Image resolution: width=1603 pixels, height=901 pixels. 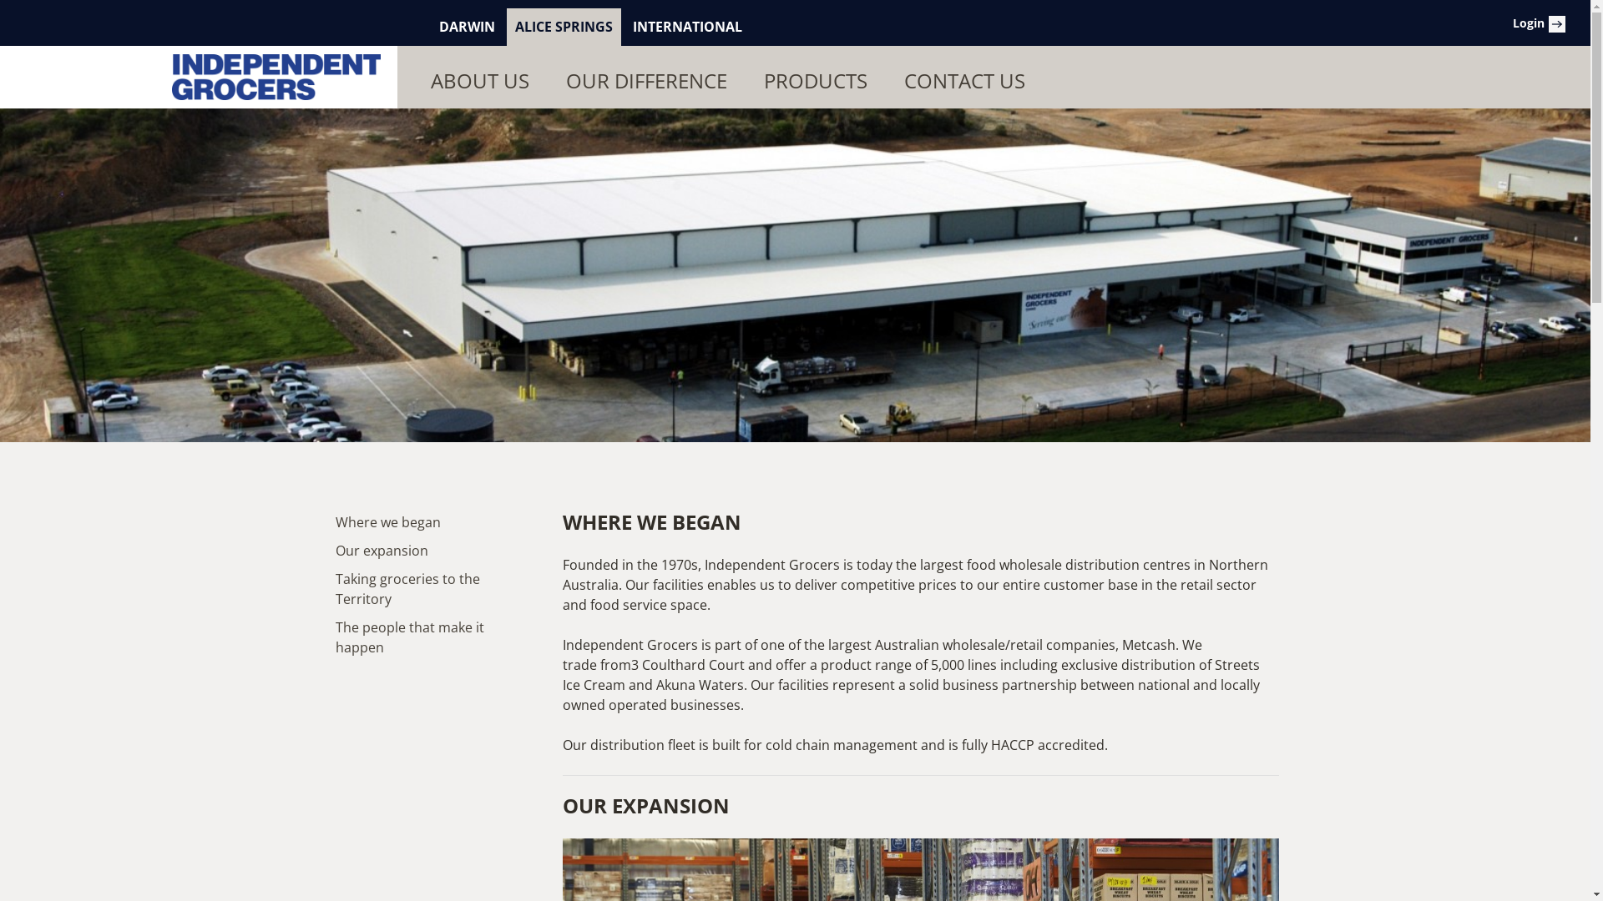 I want to click on 'Our expansion', so click(x=335, y=550).